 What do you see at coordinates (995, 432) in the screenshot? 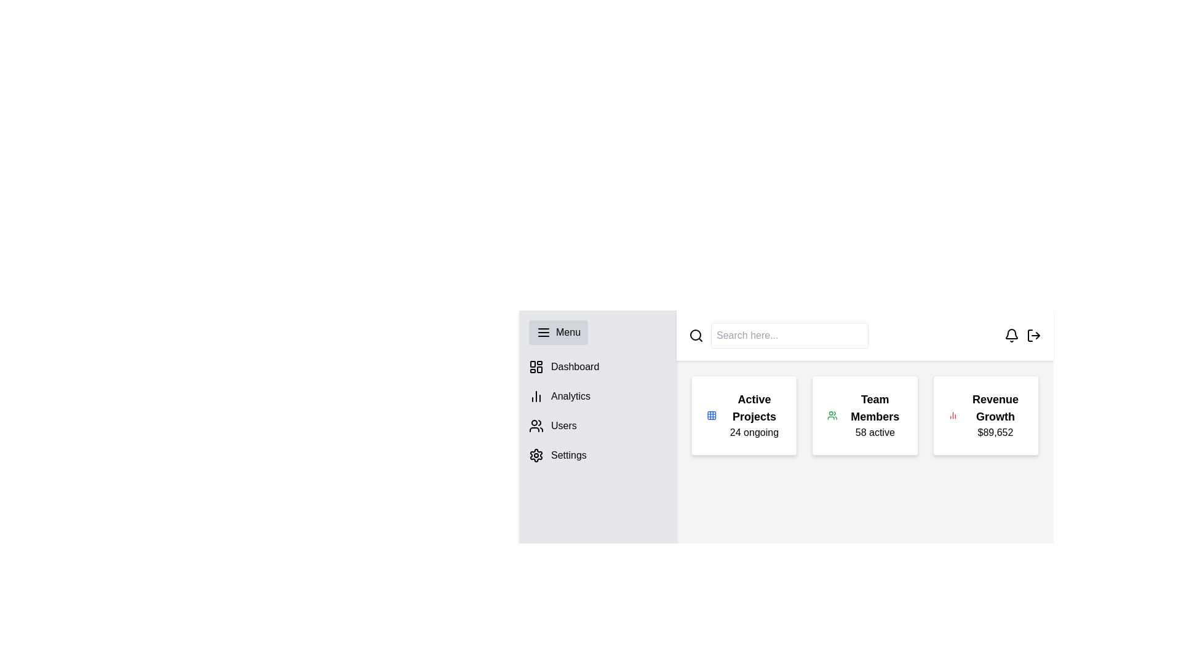
I see `the text label indicating the monetary amount related to 'Revenue Growth' to activate any potential tooltip` at bounding box center [995, 432].